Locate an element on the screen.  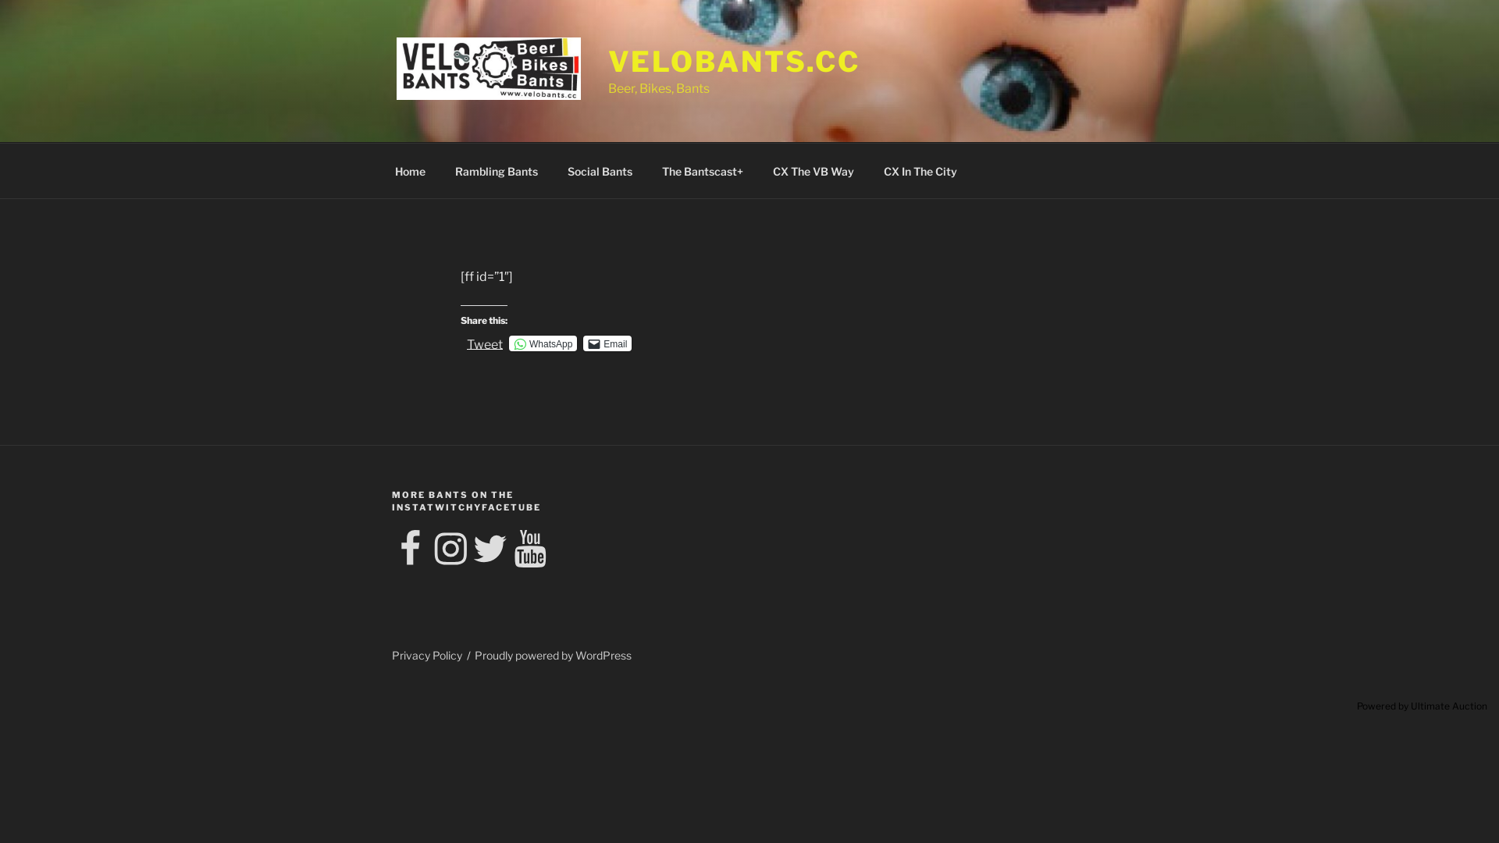
'Powered by Ultimate Auction' is located at coordinates (1422, 706).